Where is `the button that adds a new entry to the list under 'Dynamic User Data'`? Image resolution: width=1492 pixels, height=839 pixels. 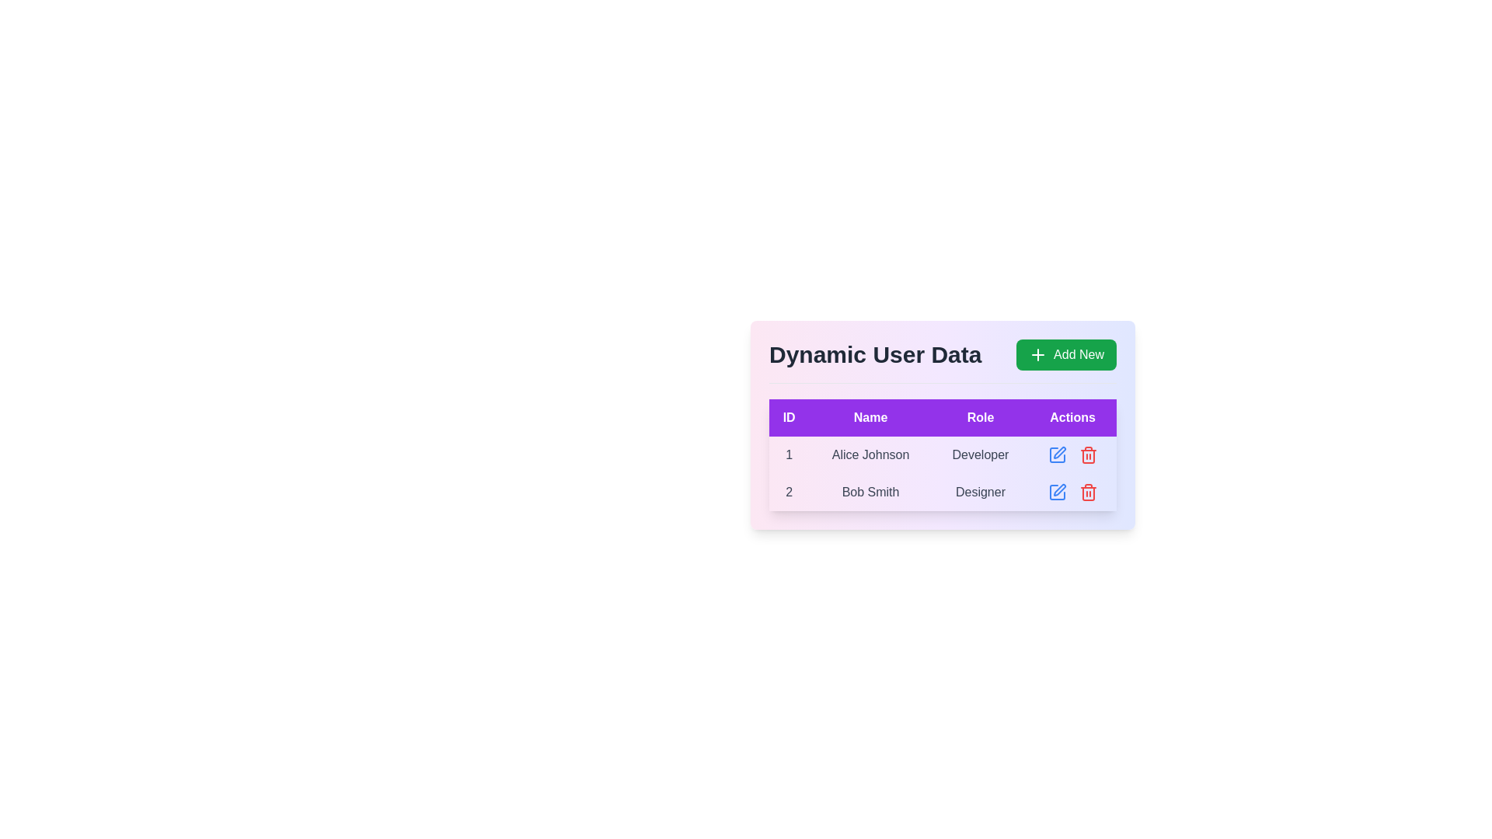 the button that adds a new entry to the list under 'Dynamic User Data' is located at coordinates (1065, 354).